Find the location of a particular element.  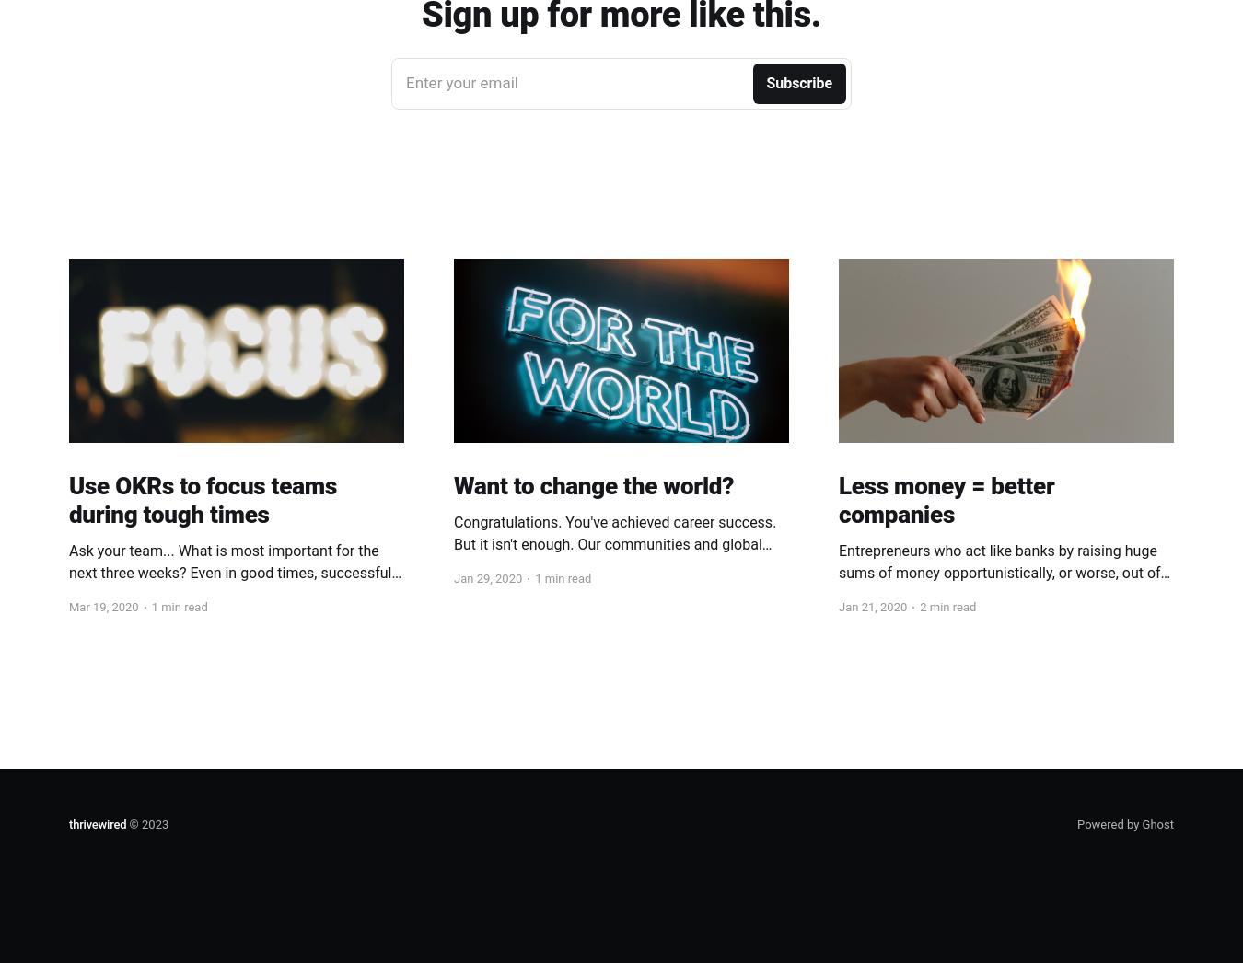

'Want to change the world?' is located at coordinates (594, 483).